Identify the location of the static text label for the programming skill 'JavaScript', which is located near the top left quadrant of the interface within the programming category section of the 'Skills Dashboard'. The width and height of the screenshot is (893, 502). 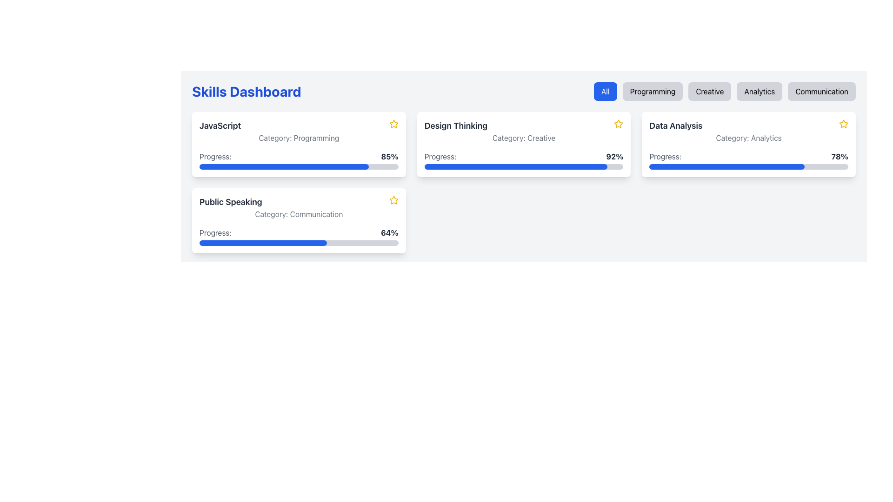
(220, 125).